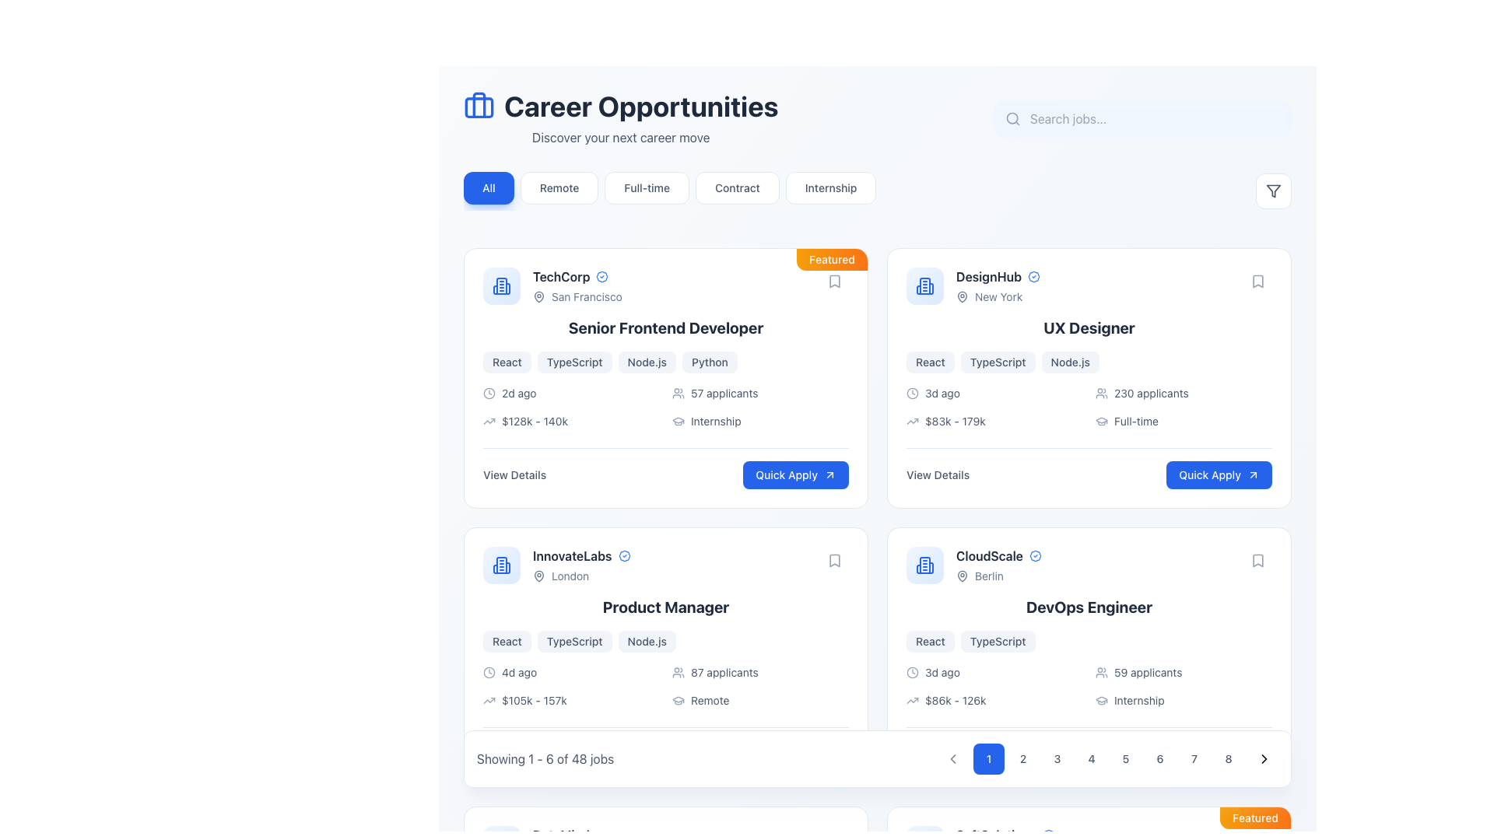 Image resolution: width=1494 pixels, height=840 pixels. I want to click on information displayed in the textual label '230 applicants' with an accompanying icon of a group of people within the 'DesignHub' job card for the 'UX Designer' position, so click(1183, 392).